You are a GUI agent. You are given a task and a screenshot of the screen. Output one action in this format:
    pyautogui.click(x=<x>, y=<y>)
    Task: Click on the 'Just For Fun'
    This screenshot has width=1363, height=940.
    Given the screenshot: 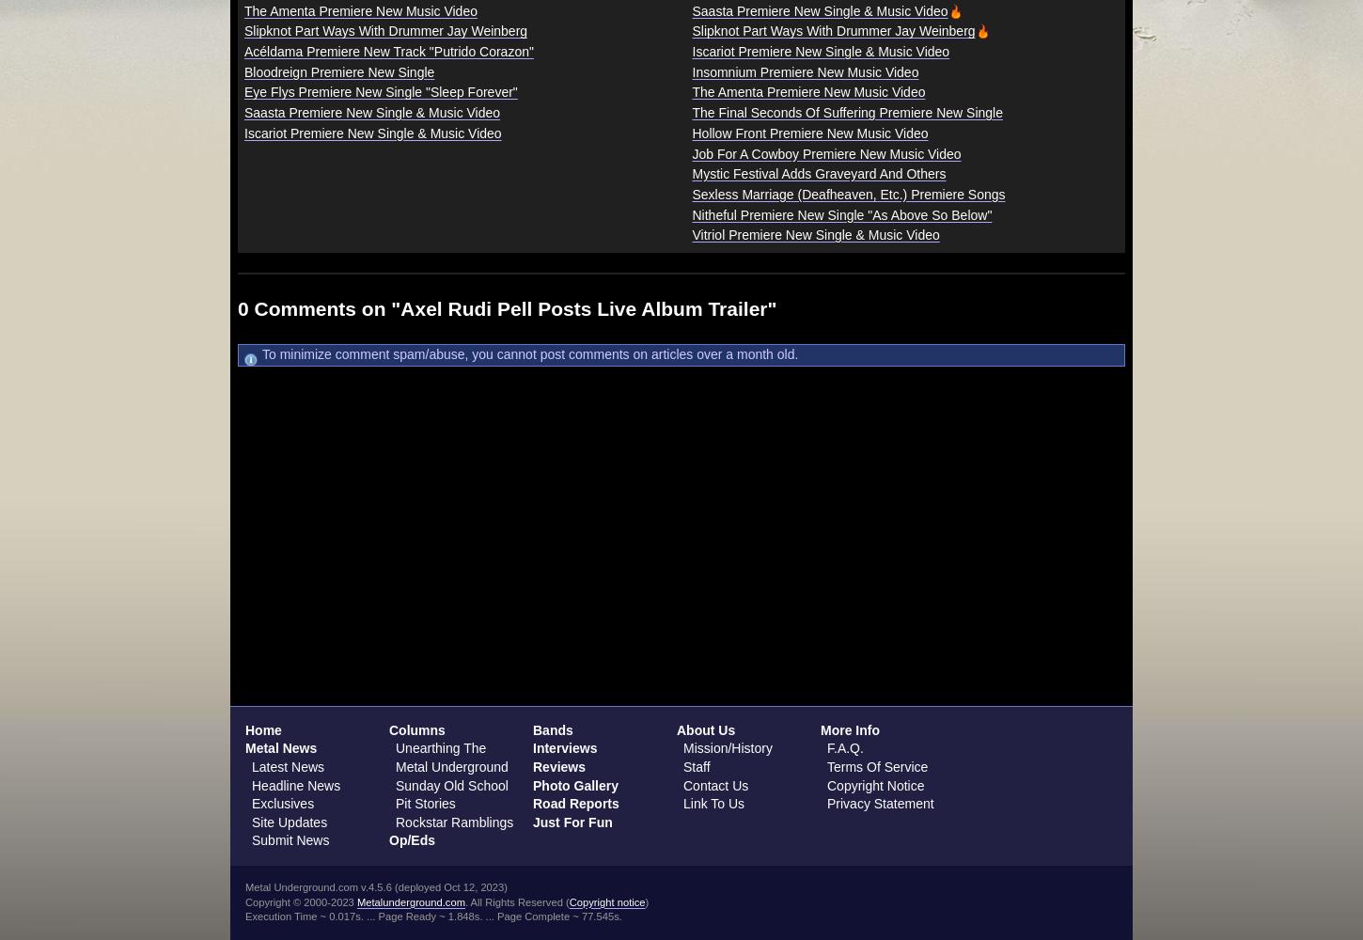 What is the action you would take?
    pyautogui.click(x=572, y=821)
    